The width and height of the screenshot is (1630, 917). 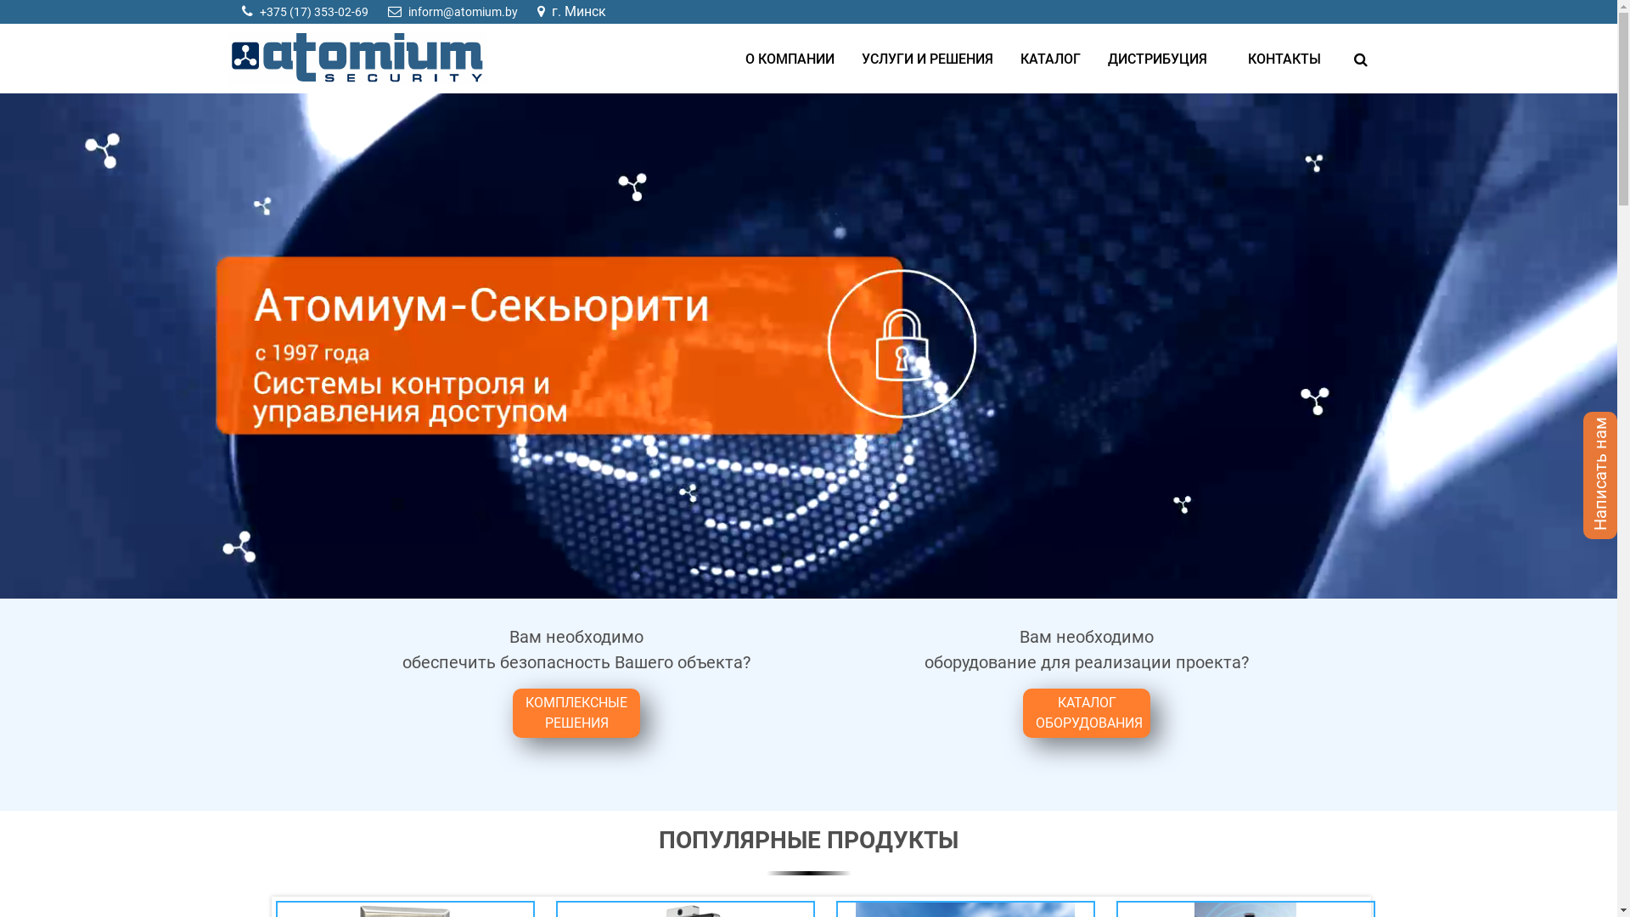 What do you see at coordinates (407, 12) in the screenshot?
I see `'inform@atomium.by'` at bounding box center [407, 12].